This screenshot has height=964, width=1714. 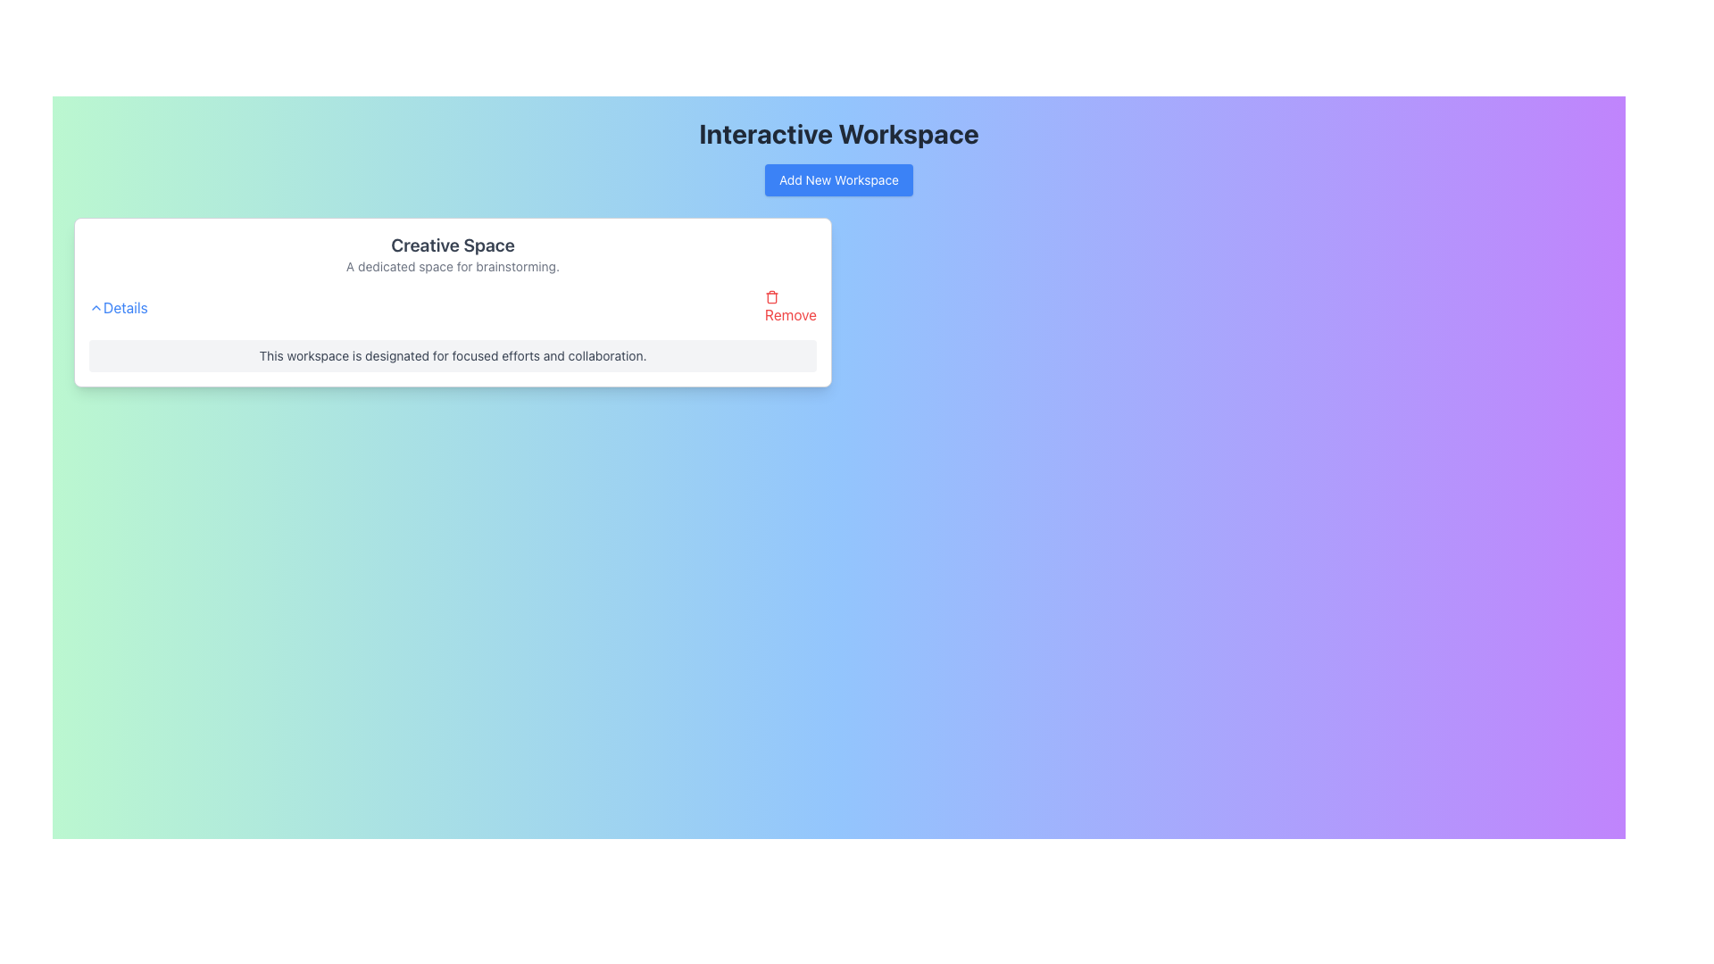 I want to click on the small upward-pointing chevron arrow icon located immediately left of the word 'Details' in the top-left corner of the card containing 'Creative Space' information, so click(x=96, y=306).